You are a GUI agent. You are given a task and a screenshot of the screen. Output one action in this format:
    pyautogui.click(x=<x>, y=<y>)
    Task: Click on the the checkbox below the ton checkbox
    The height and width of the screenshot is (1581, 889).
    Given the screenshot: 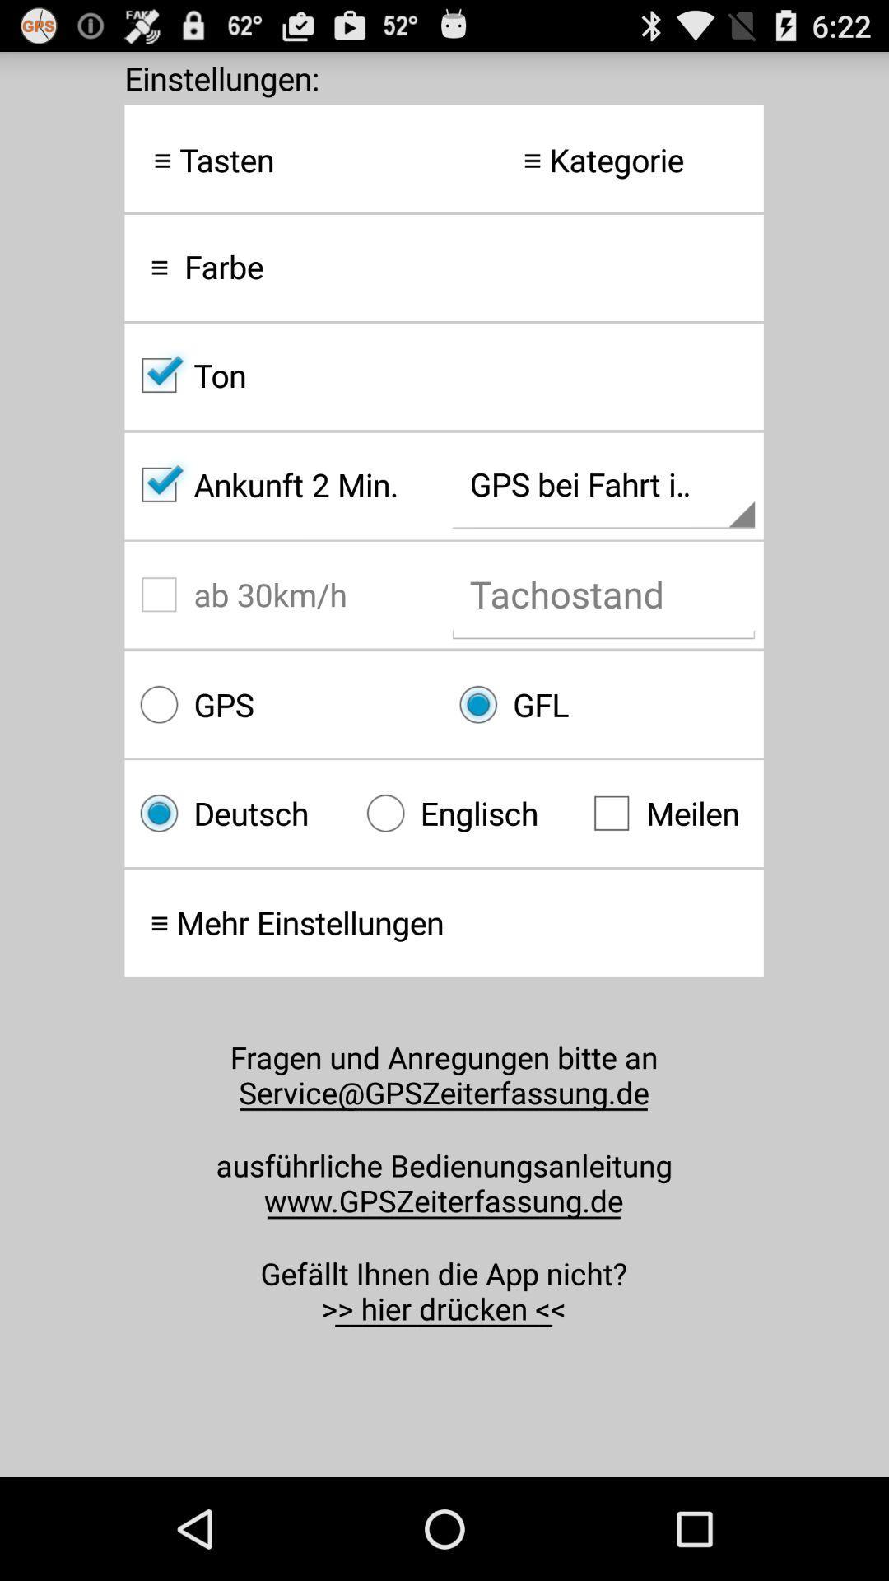 What is the action you would take?
    pyautogui.click(x=283, y=484)
    